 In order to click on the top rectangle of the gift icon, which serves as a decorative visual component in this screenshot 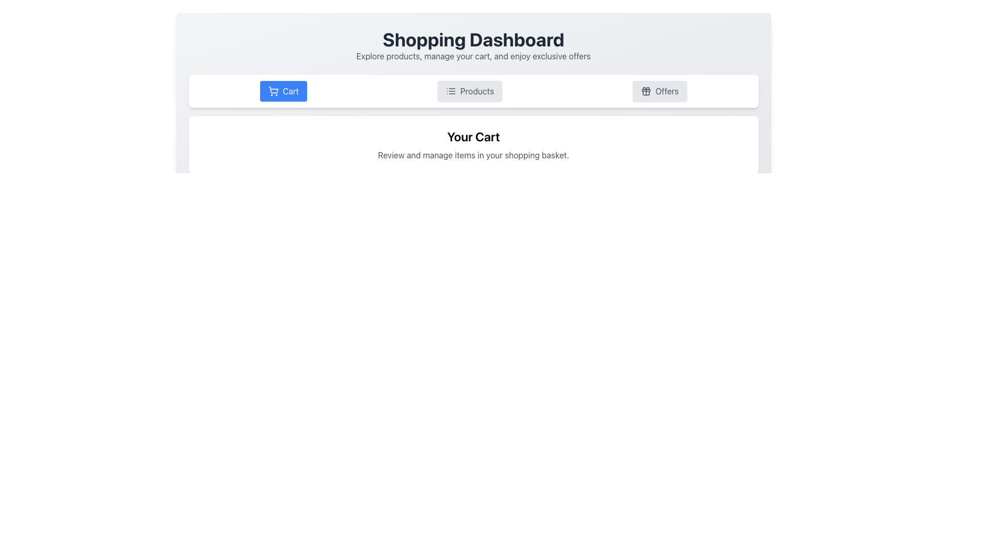, I will do `click(645, 90)`.